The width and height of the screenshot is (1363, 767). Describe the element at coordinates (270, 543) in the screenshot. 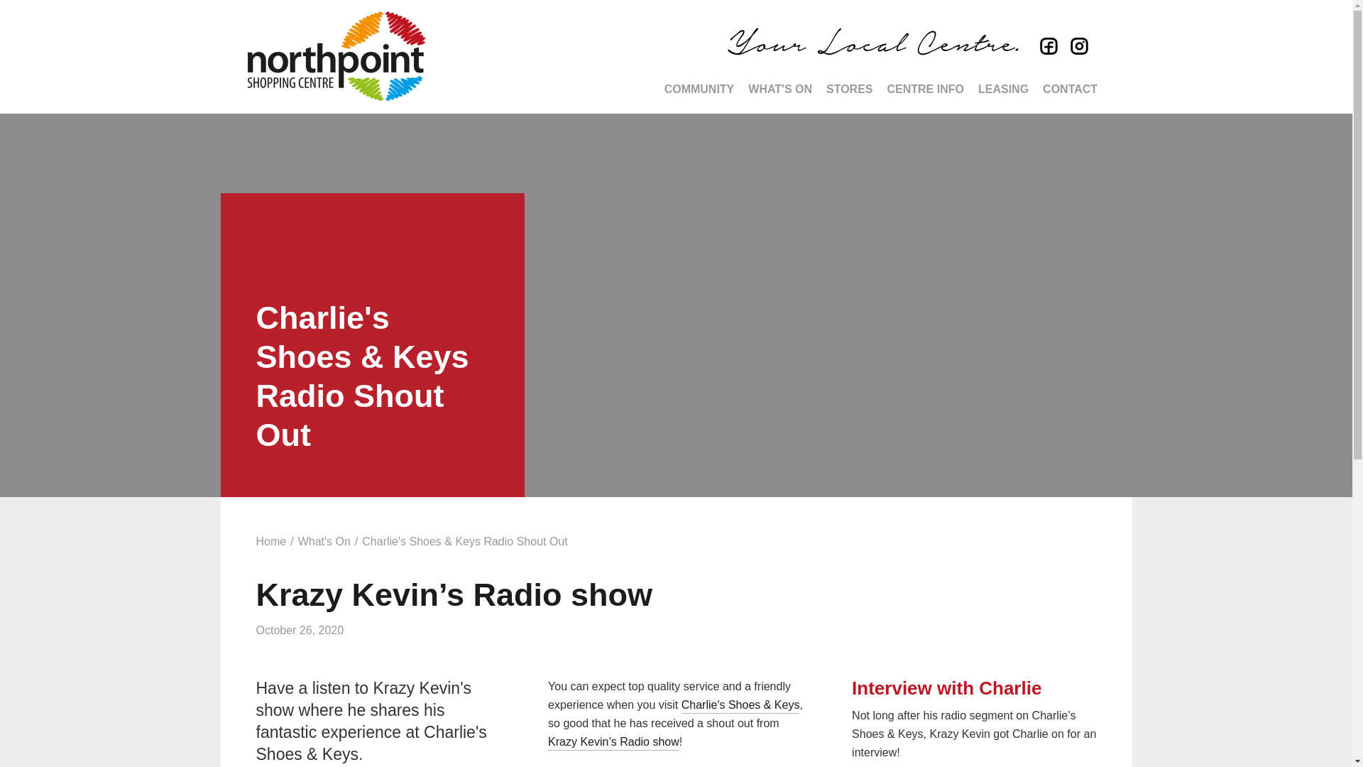

I see `'Home'` at that location.